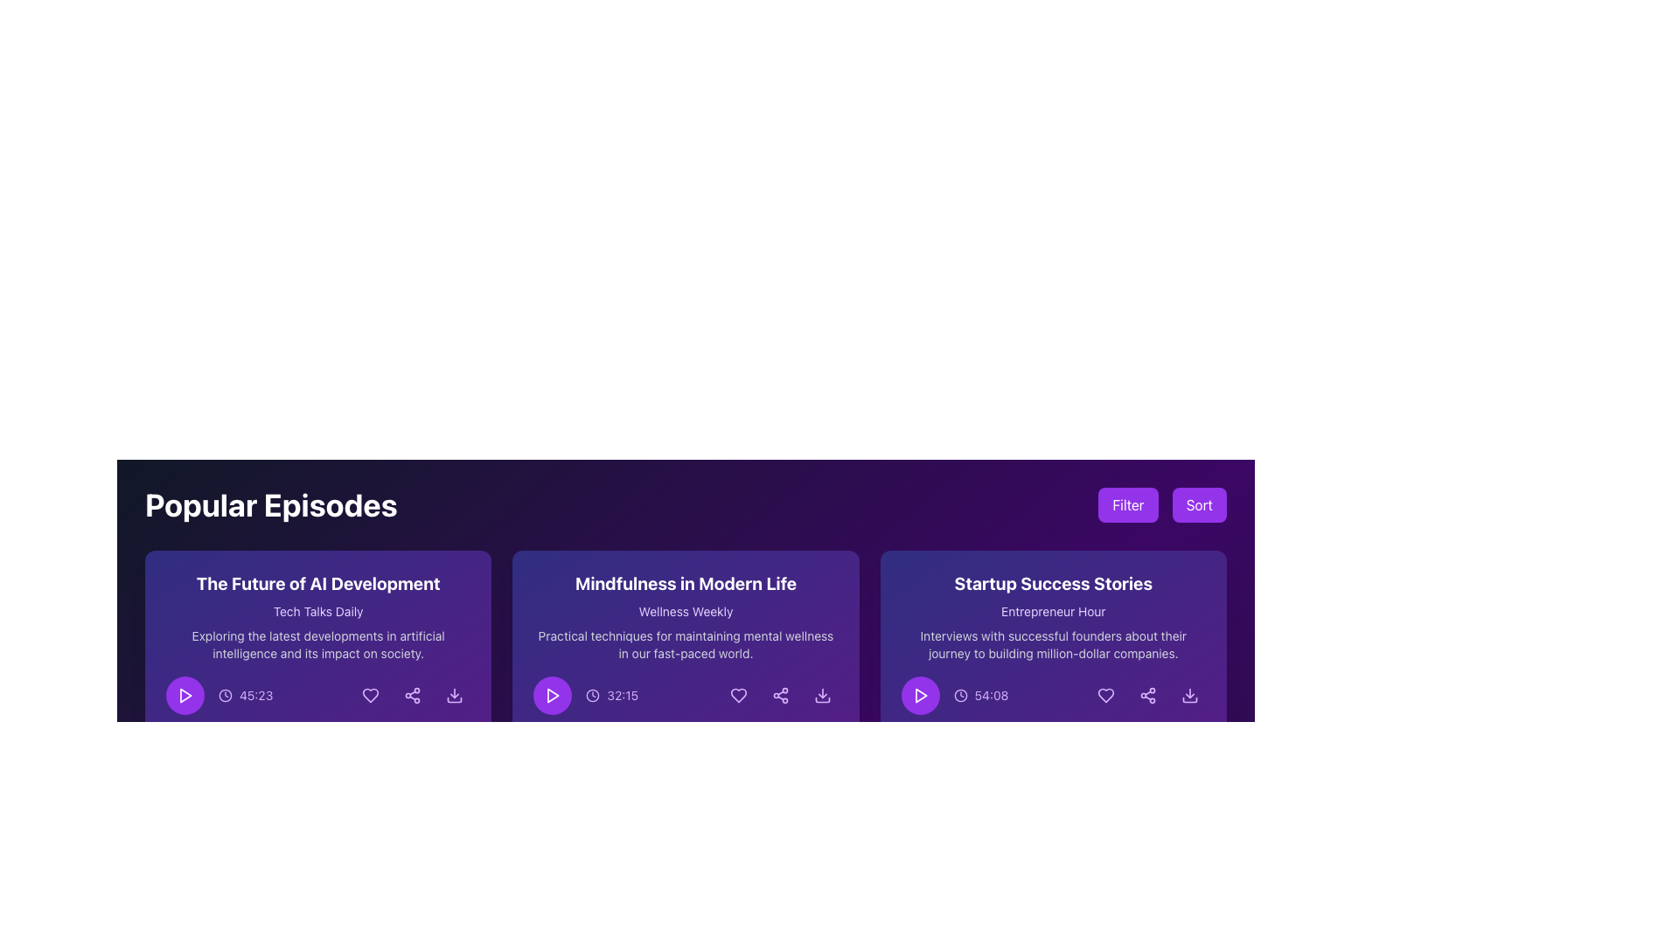  Describe the element at coordinates (318, 615) in the screenshot. I see `the Textual content block titled 'The Future of AI Development' located within the leftmost card of the 'Popular Episodes' section` at that location.